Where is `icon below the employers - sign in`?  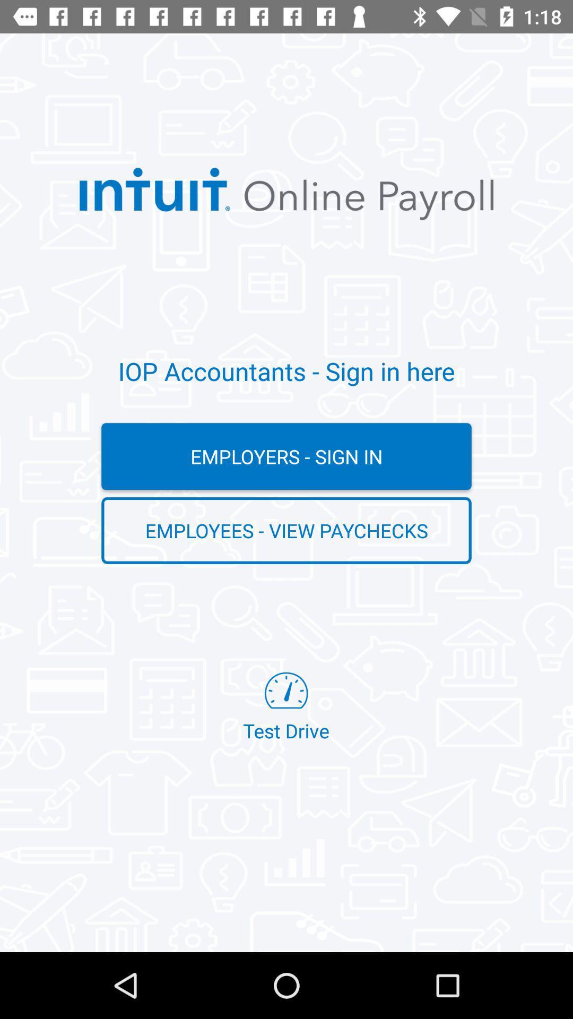 icon below the employers - sign in is located at coordinates (286, 530).